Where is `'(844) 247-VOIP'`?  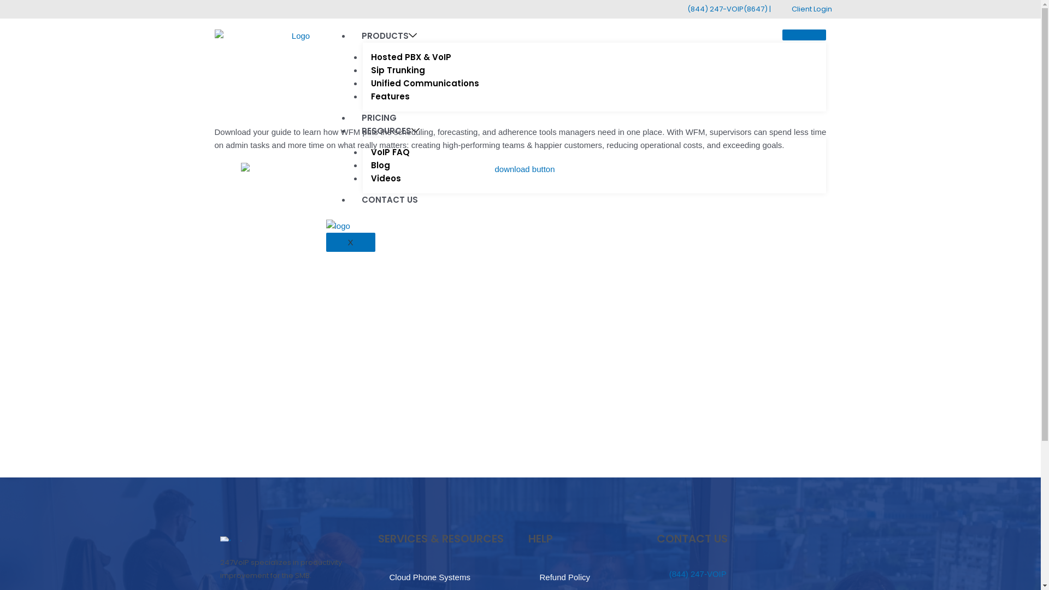 '(844) 247-VOIP' is located at coordinates (656, 573).